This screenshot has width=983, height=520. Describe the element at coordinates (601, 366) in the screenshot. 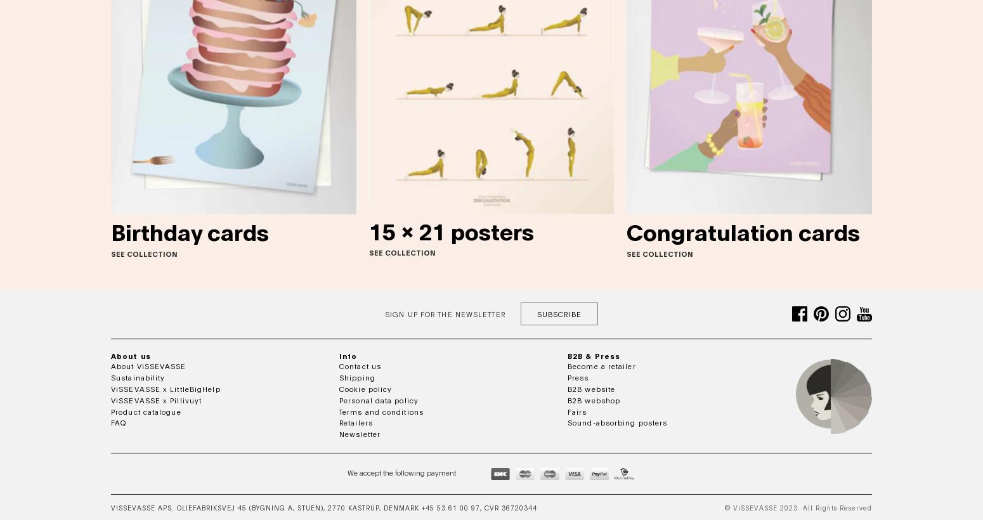

I see `'Become a retailer'` at that location.